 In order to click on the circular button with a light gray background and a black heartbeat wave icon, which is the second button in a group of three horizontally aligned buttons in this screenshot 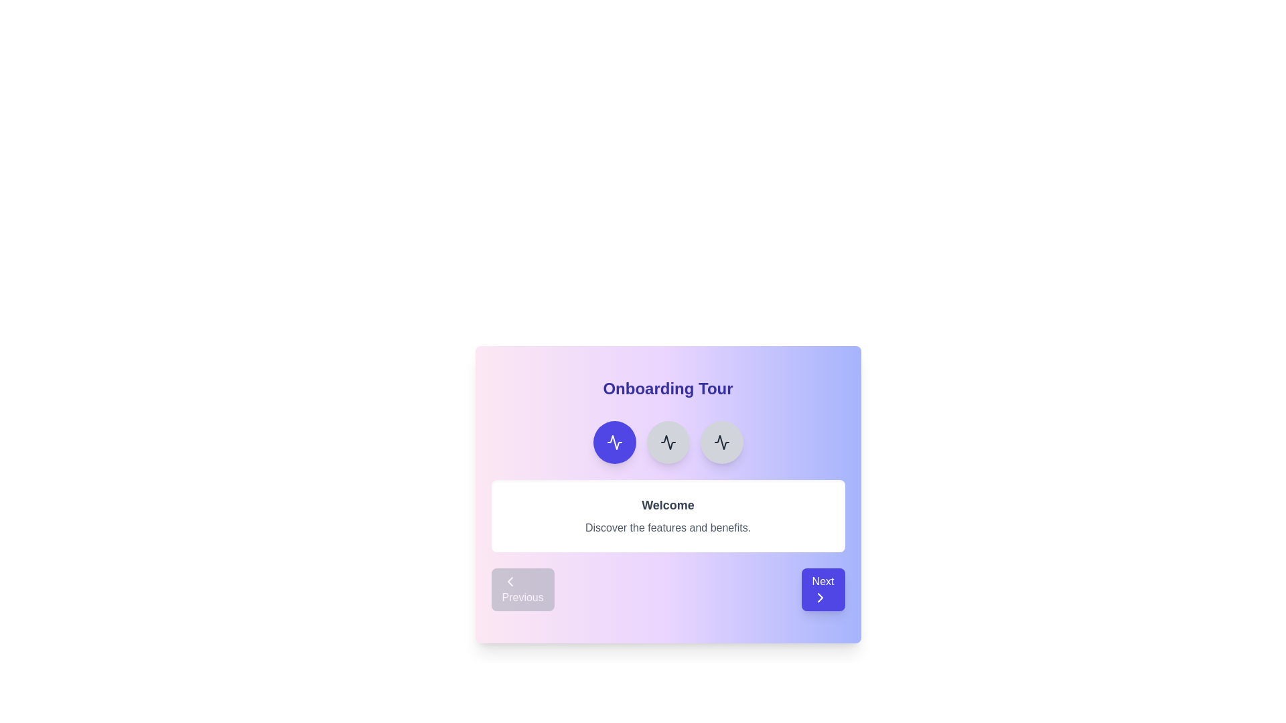, I will do `click(668, 442)`.